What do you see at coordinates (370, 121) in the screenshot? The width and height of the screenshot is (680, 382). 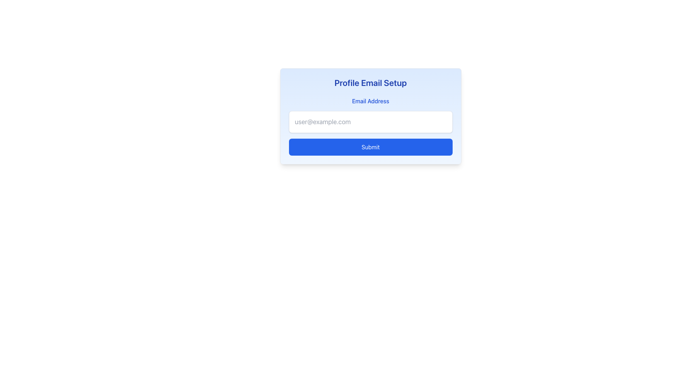 I see `the email address input field to focus it for user input` at bounding box center [370, 121].